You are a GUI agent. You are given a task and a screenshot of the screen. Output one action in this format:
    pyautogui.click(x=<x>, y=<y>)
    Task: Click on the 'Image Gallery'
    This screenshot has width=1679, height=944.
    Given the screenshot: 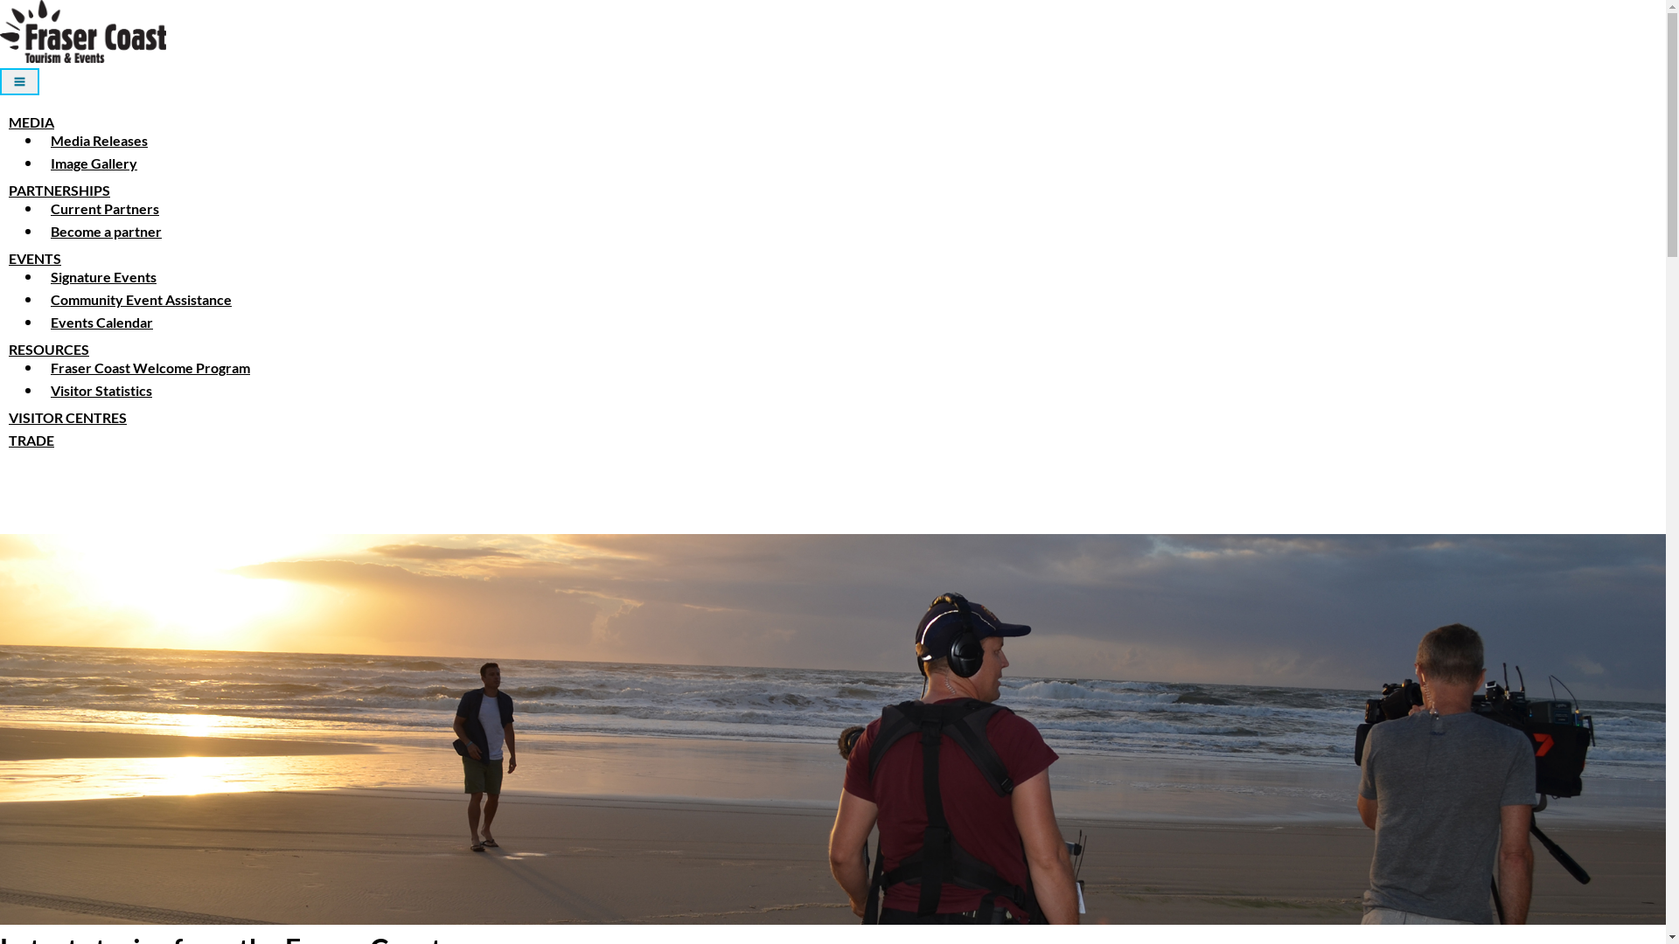 What is the action you would take?
    pyautogui.click(x=42, y=163)
    